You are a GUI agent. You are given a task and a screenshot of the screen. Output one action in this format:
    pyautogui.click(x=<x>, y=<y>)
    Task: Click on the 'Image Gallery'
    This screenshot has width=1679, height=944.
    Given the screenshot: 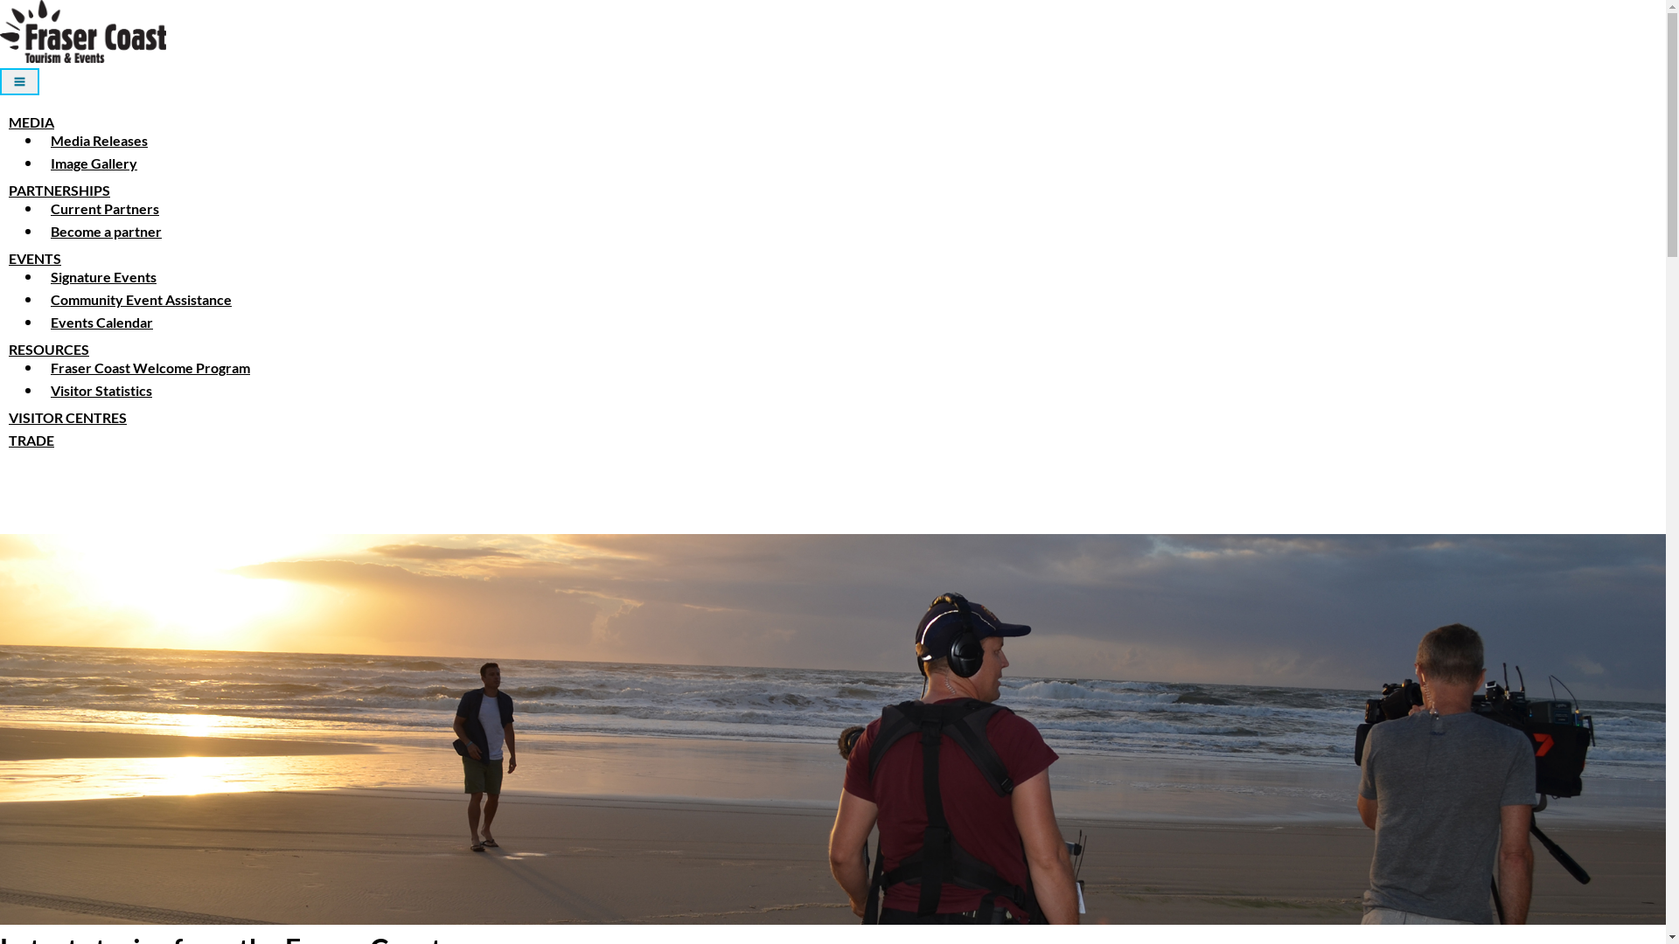 What is the action you would take?
    pyautogui.click(x=42, y=163)
    